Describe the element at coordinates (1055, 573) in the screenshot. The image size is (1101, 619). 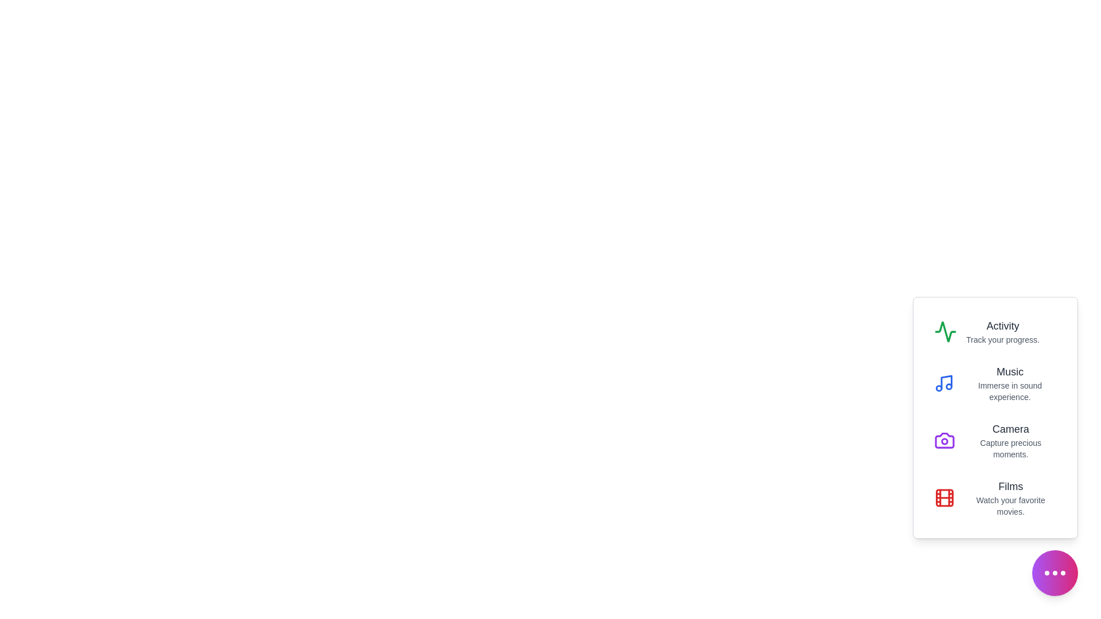
I see `the toggle button to toggle the visibility of the speed dial menu` at that location.